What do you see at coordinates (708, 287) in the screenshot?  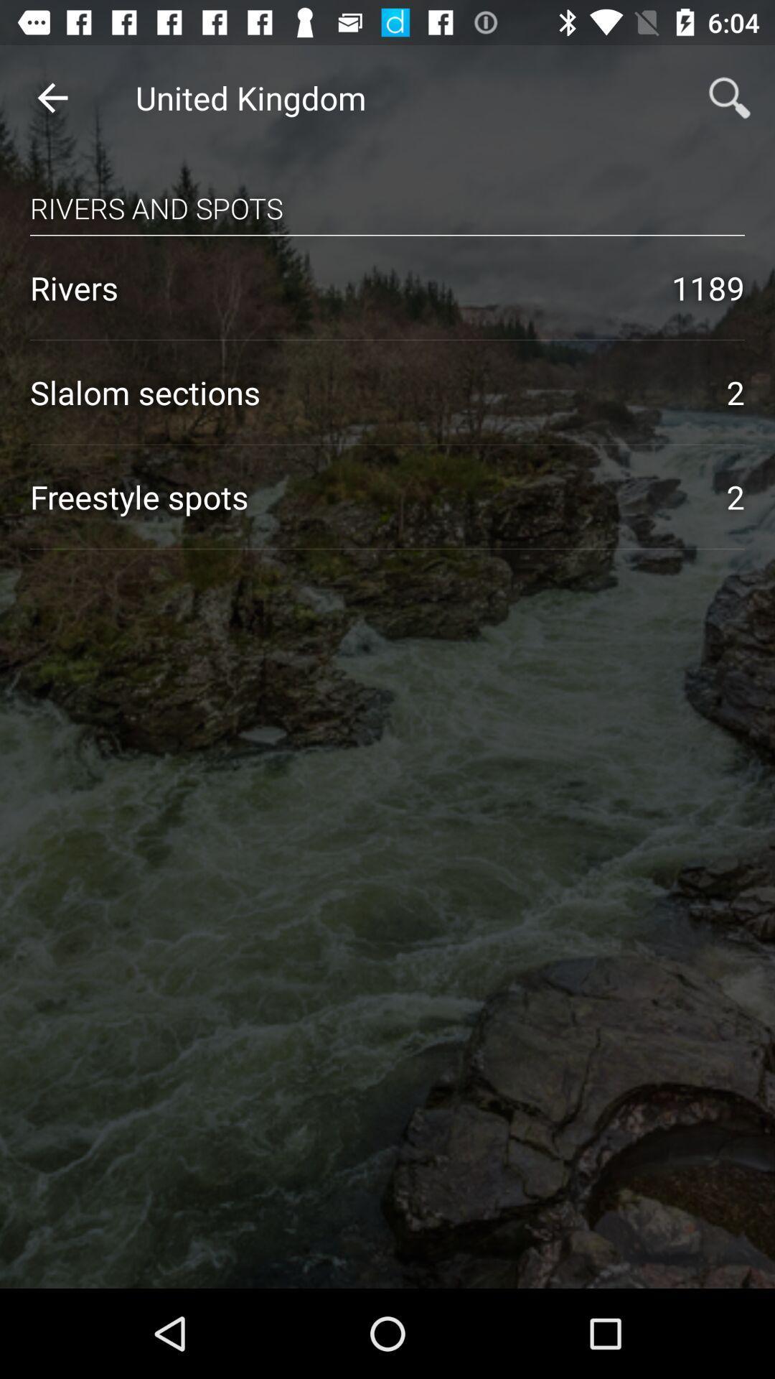 I see `1189 icon` at bounding box center [708, 287].